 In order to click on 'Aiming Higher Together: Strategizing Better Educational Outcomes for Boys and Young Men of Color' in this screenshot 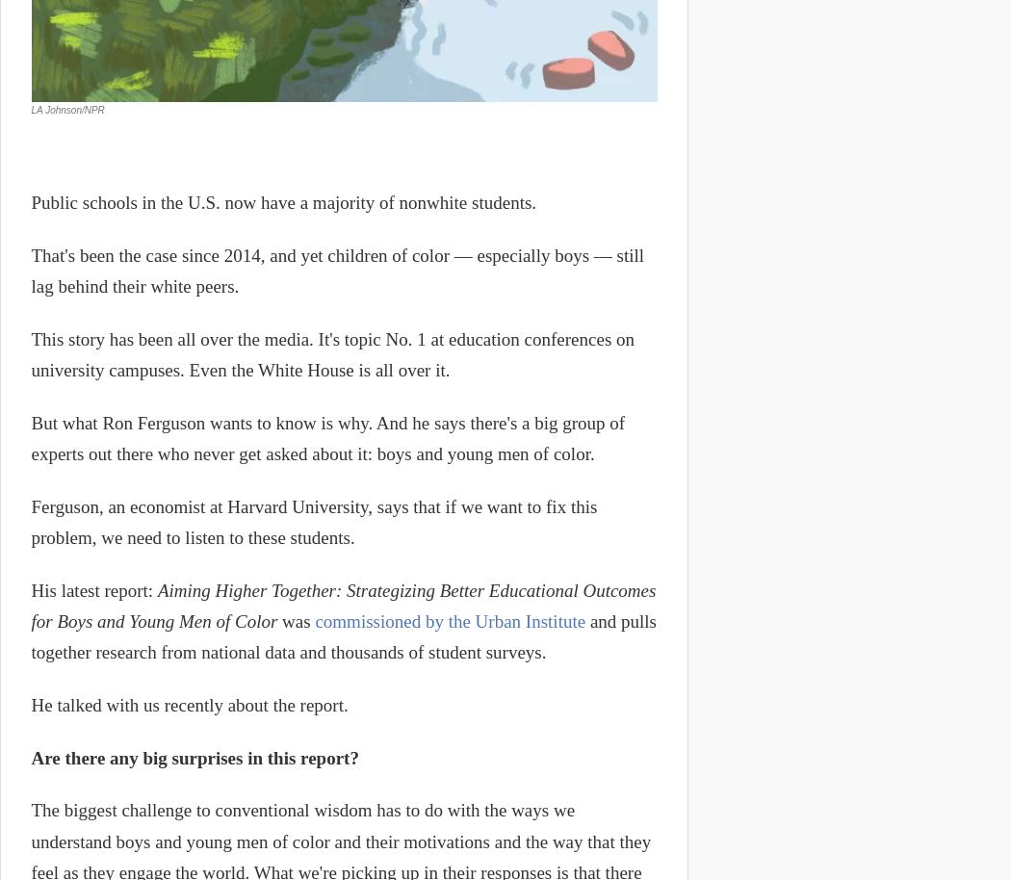, I will do `click(342, 605)`.